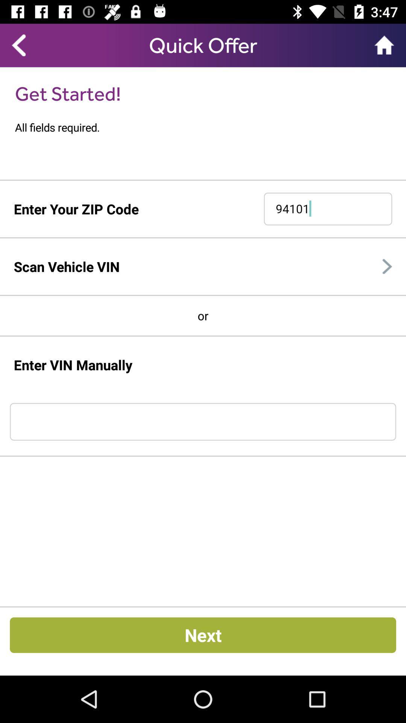  Describe the element at coordinates (203, 422) in the screenshot. I see `the item below enter vin manually item` at that location.